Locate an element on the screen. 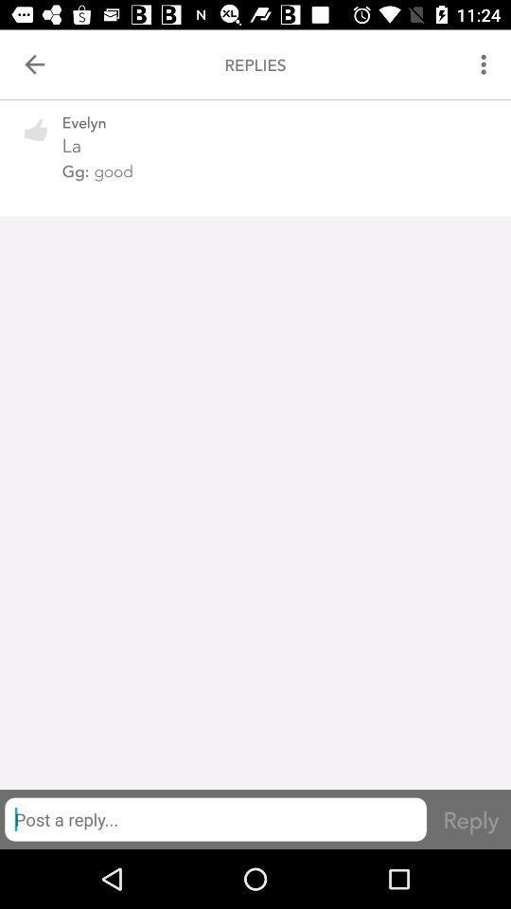 The height and width of the screenshot is (909, 511). item below gg: good is located at coordinates (214, 818).